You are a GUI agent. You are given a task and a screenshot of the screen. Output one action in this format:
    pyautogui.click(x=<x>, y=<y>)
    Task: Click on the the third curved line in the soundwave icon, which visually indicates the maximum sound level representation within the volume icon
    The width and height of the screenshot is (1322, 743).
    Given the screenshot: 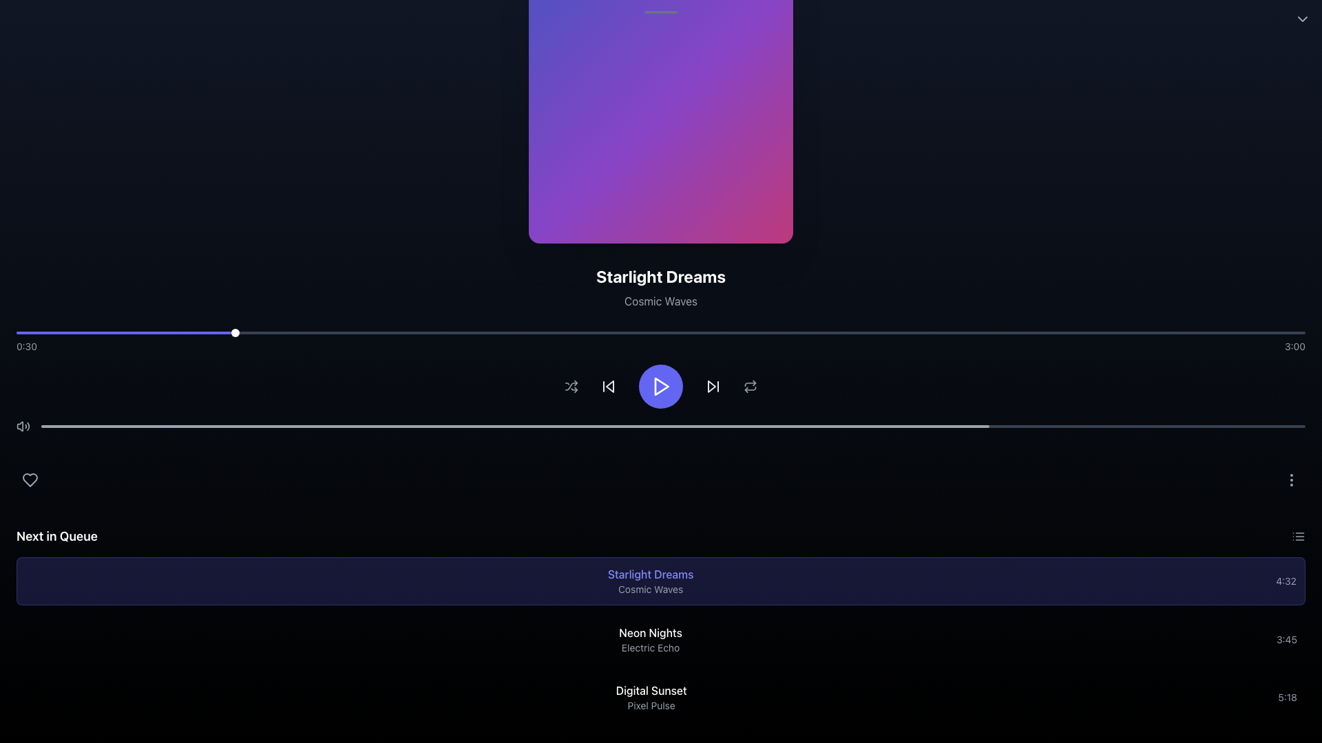 What is the action you would take?
    pyautogui.click(x=28, y=426)
    